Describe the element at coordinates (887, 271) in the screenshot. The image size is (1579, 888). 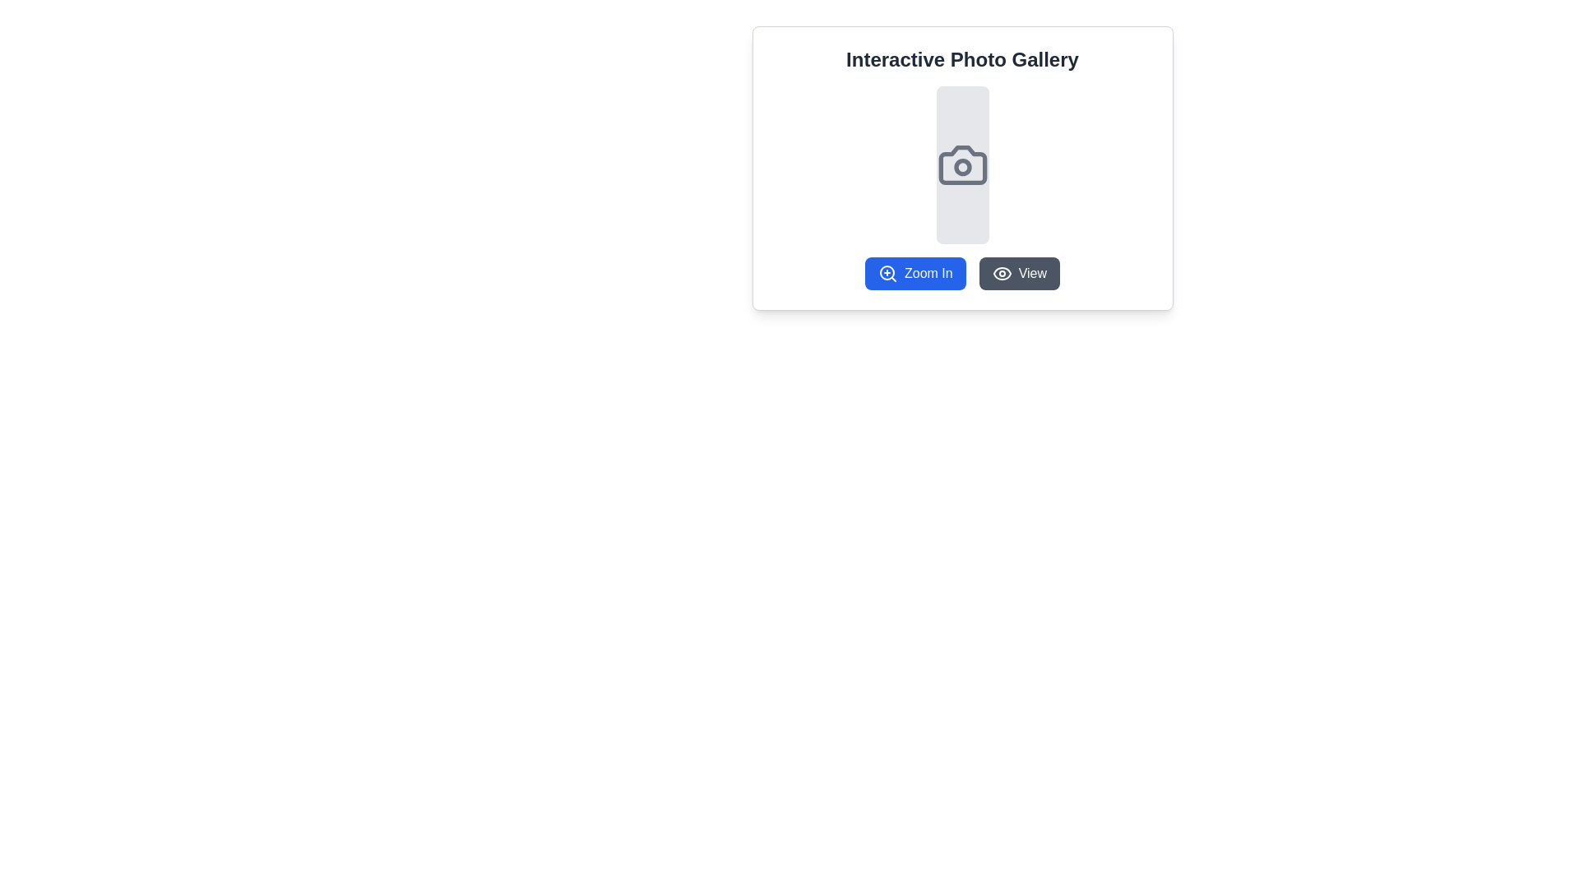
I see `the circular component of the zoom in icon, which is part of the 'Zoom In' button located in the 'Interactive Photo Gallery'` at that location.